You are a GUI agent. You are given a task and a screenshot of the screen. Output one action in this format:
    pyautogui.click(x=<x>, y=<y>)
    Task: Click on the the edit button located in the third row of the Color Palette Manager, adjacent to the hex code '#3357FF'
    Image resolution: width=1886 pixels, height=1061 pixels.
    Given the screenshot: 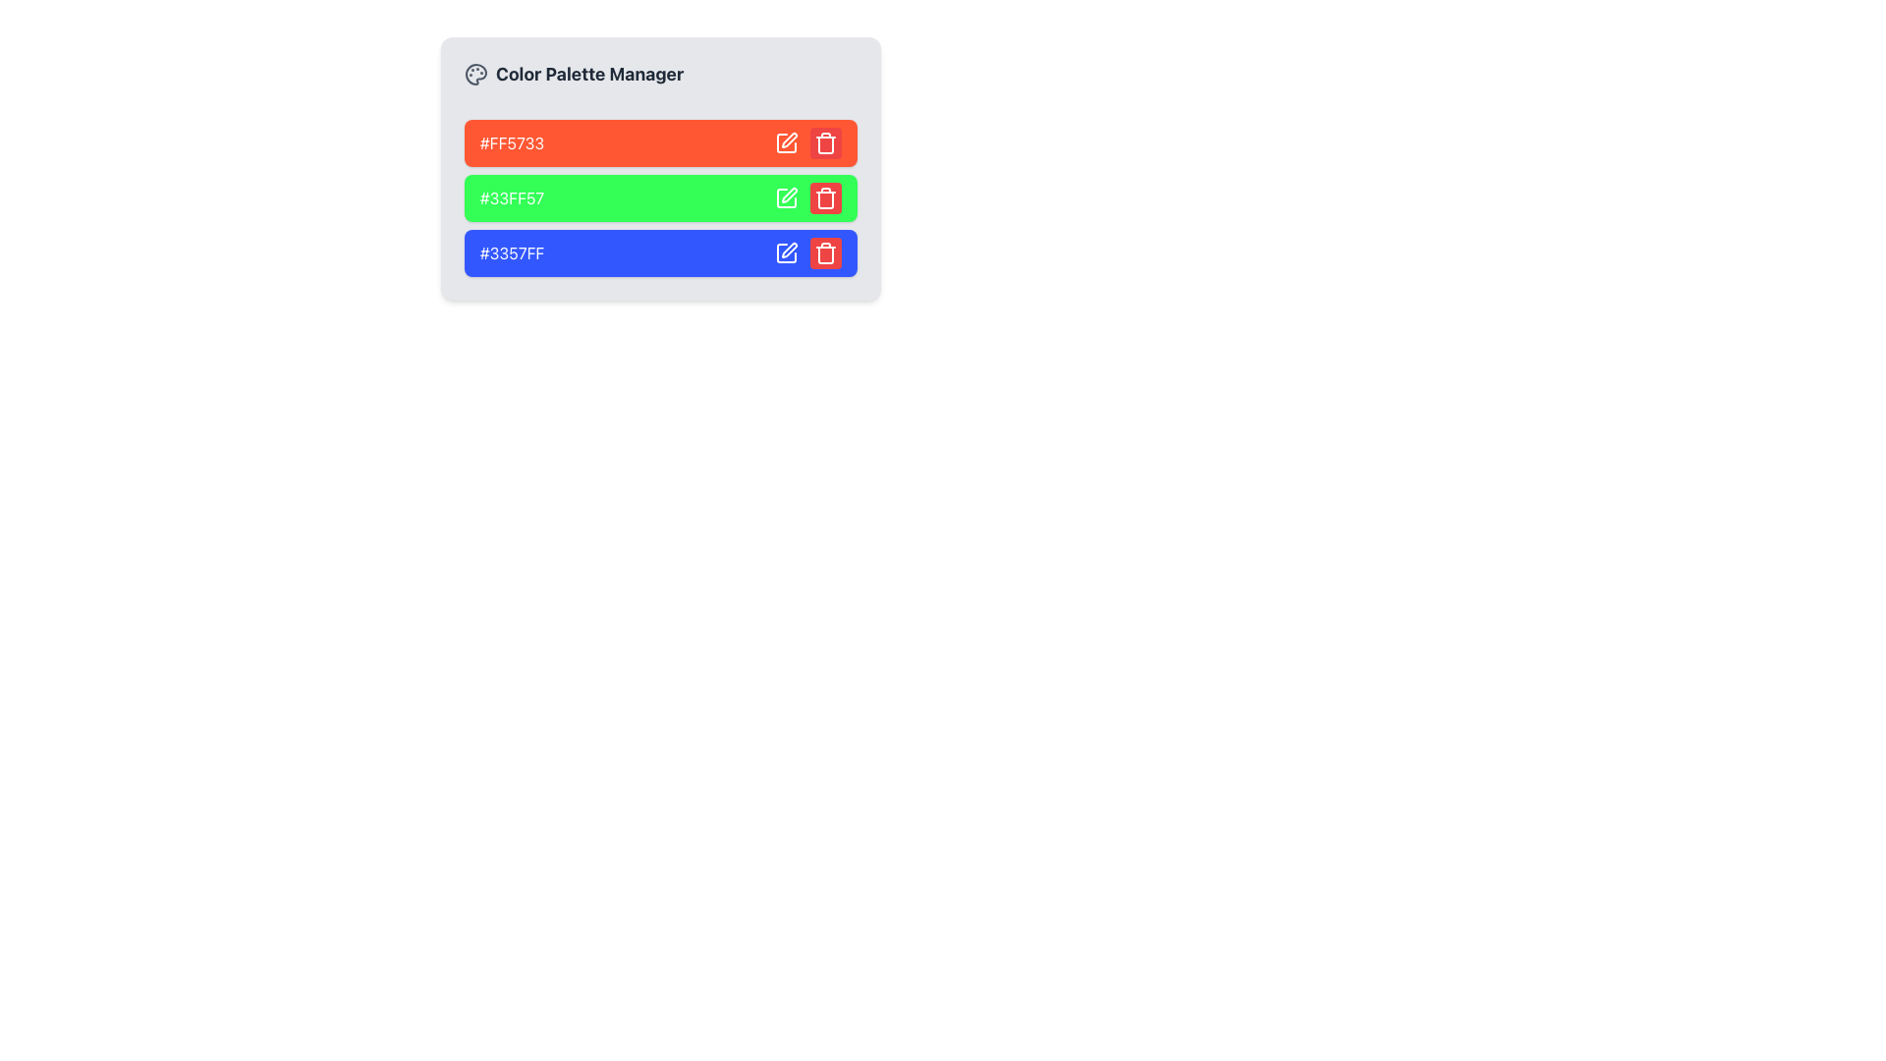 What is the action you would take?
    pyautogui.click(x=787, y=252)
    